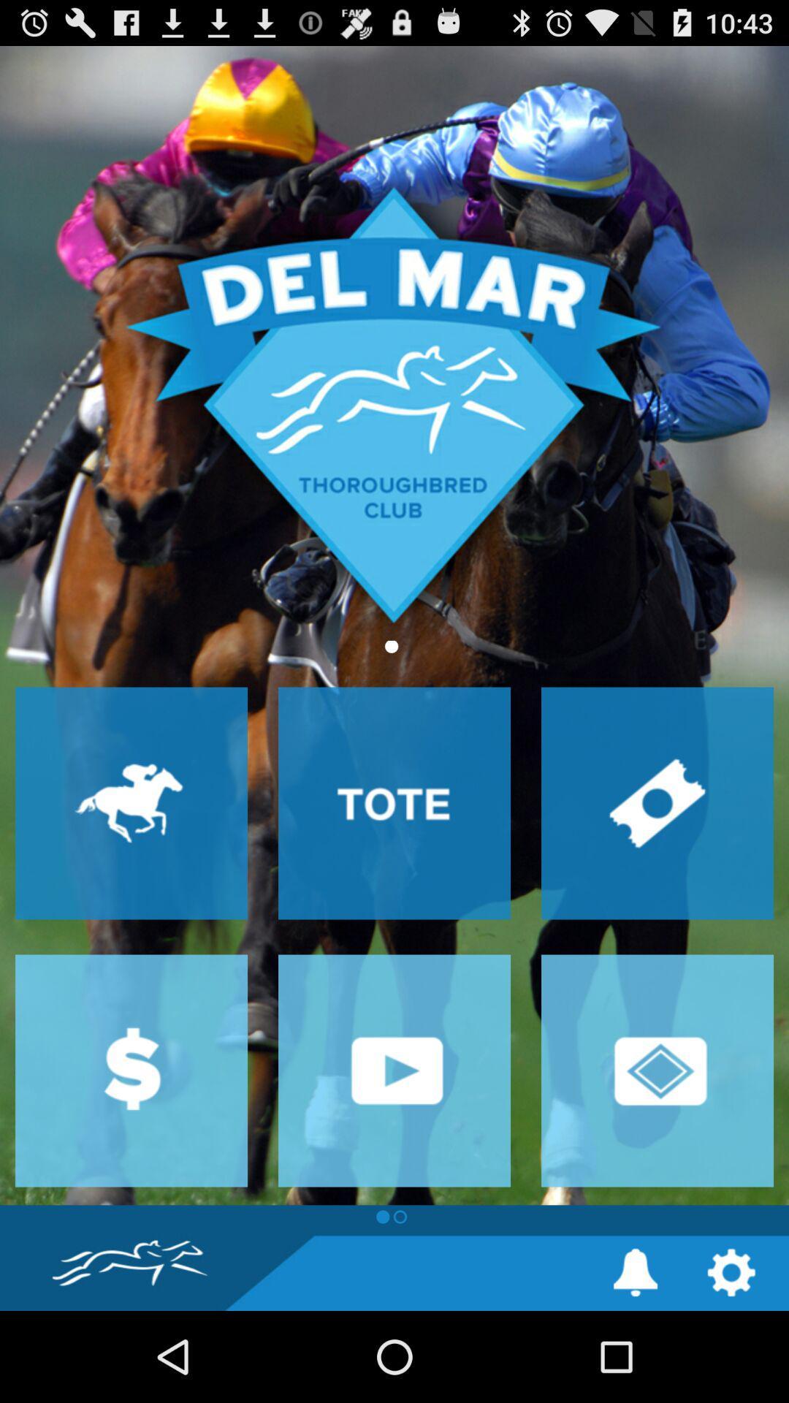  Describe the element at coordinates (635, 1271) in the screenshot. I see `alarm` at that location.